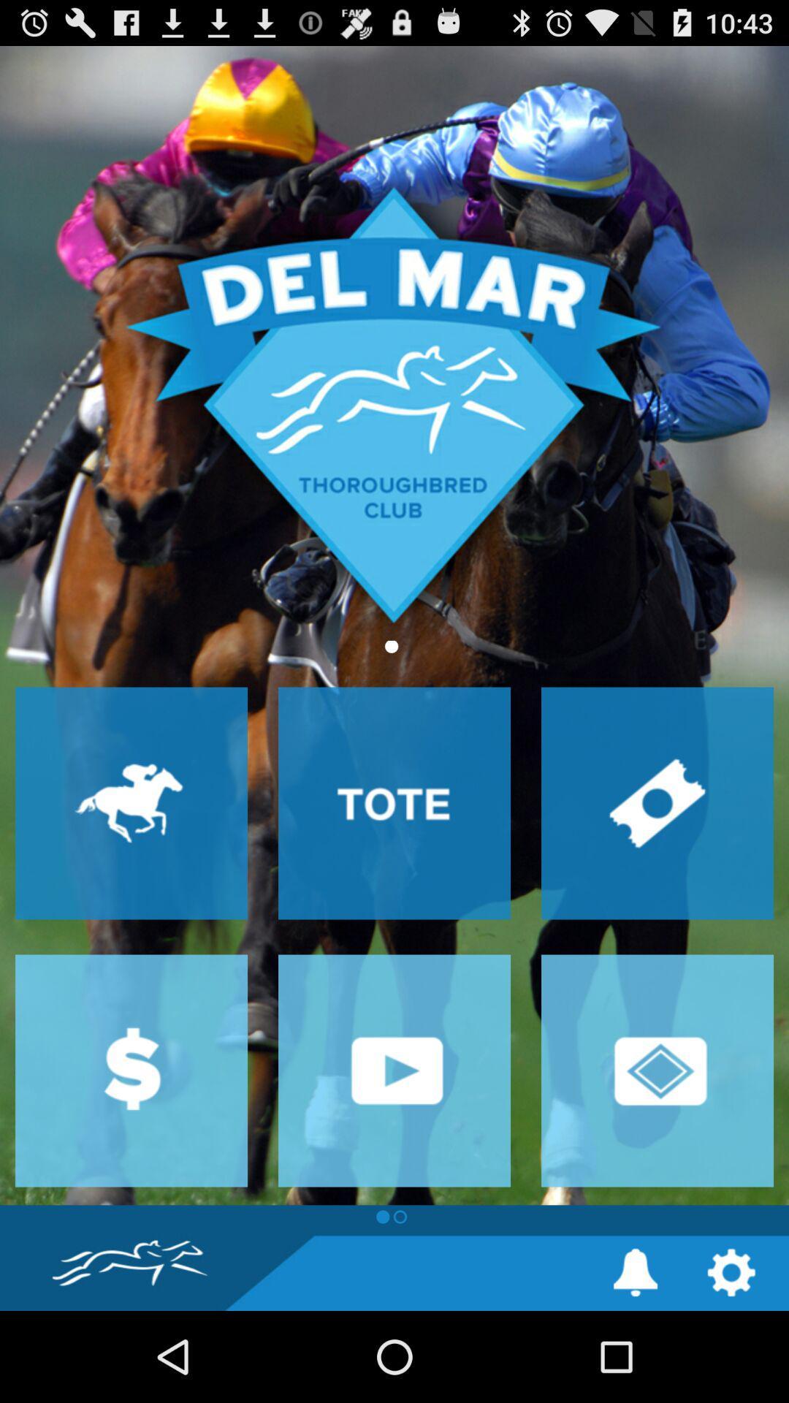  Describe the element at coordinates (635, 1271) in the screenshot. I see `alarm` at that location.